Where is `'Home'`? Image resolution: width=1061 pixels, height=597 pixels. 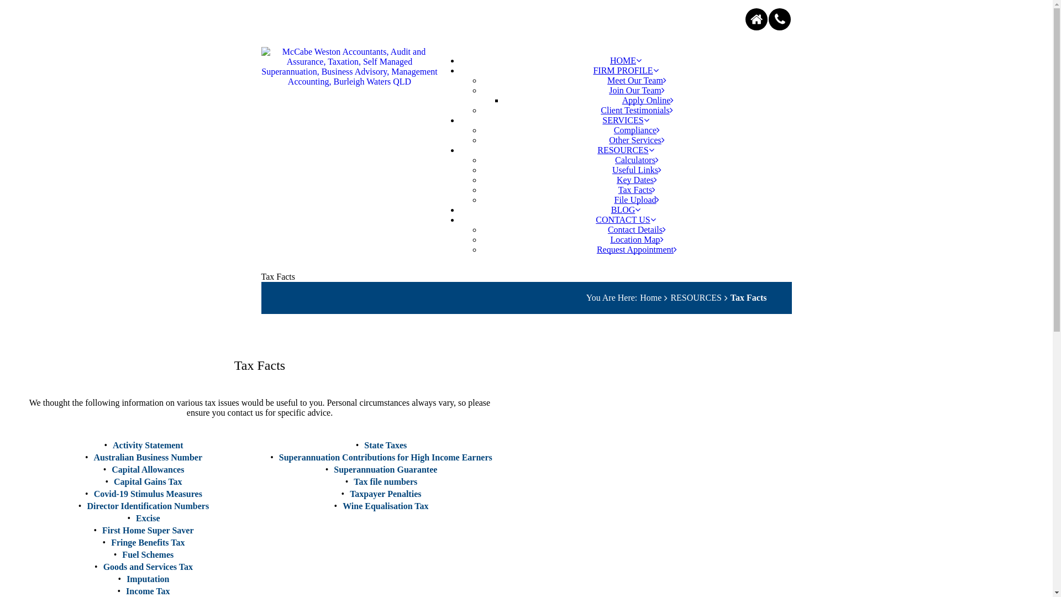
'Home' is located at coordinates (650, 297).